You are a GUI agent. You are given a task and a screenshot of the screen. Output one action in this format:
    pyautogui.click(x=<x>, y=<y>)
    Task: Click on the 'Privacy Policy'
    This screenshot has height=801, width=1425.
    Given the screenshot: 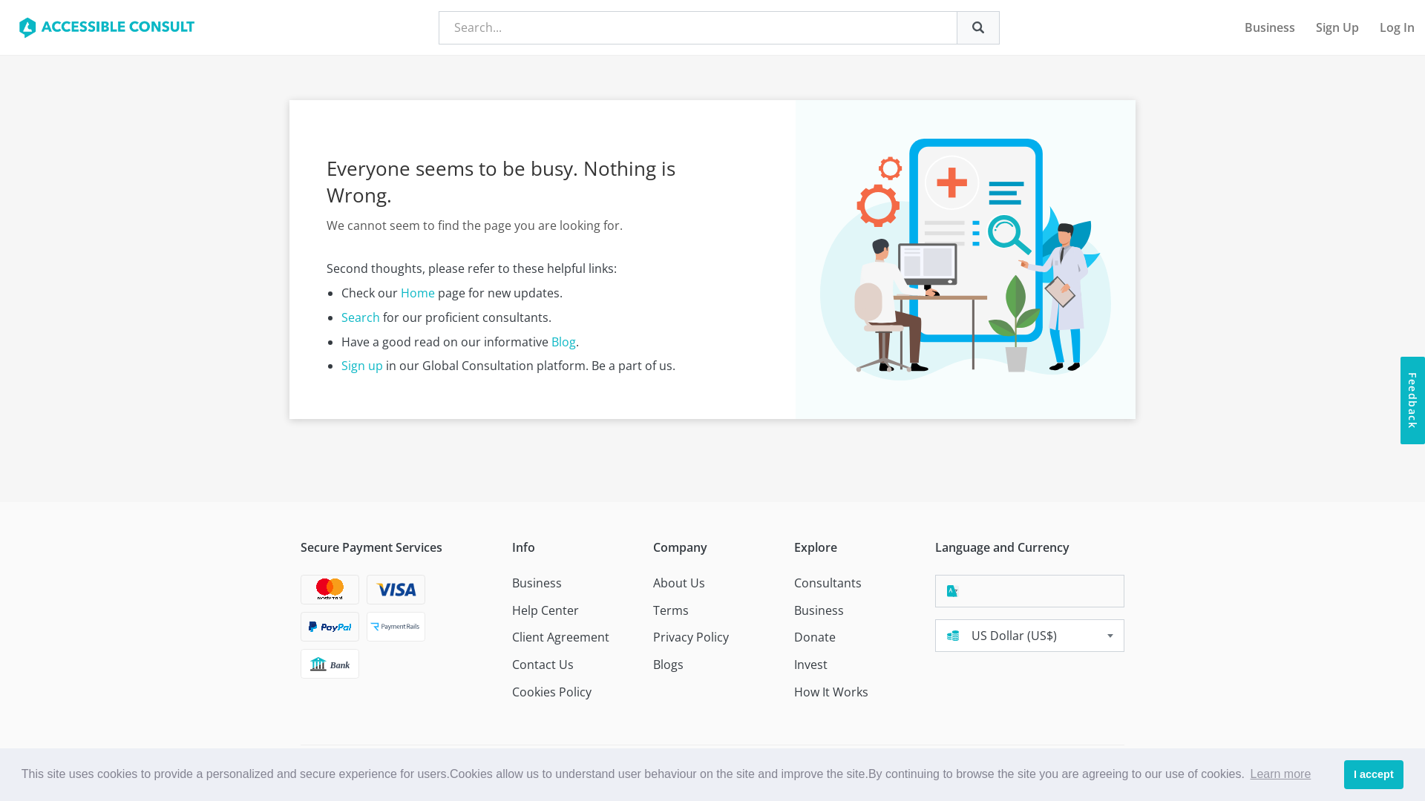 What is the action you would take?
    pyautogui.click(x=690, y=636)
    